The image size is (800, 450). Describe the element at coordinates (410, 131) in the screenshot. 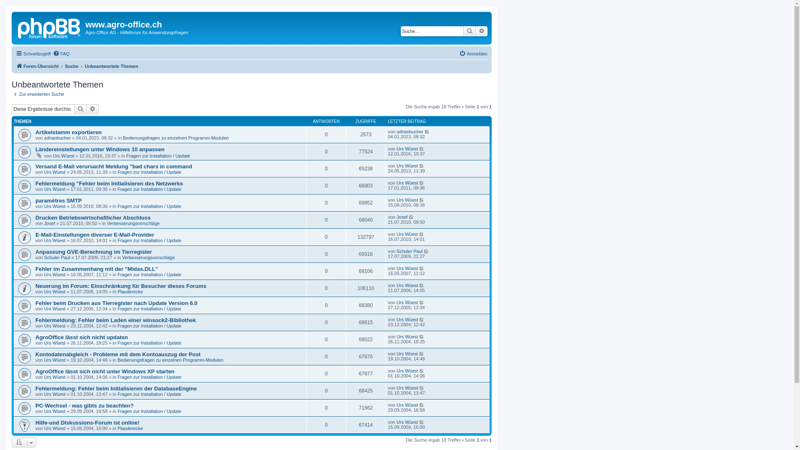

I see `'adrianbucher'` at that location.